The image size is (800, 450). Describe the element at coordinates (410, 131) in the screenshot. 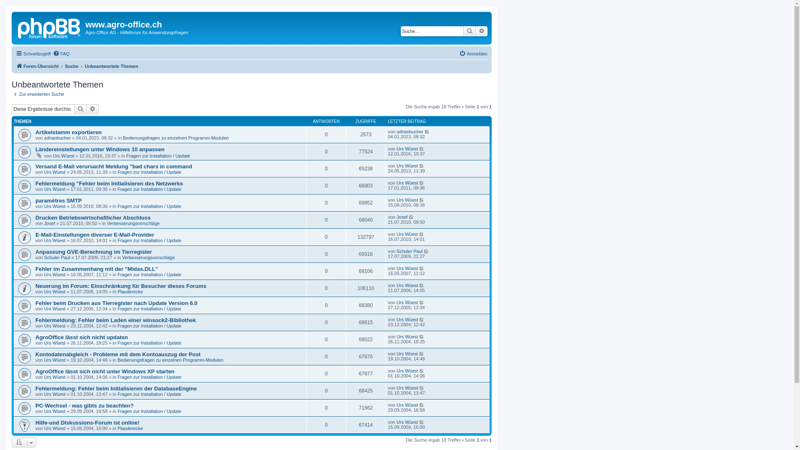

I see `'adrianbucher'` at that location.